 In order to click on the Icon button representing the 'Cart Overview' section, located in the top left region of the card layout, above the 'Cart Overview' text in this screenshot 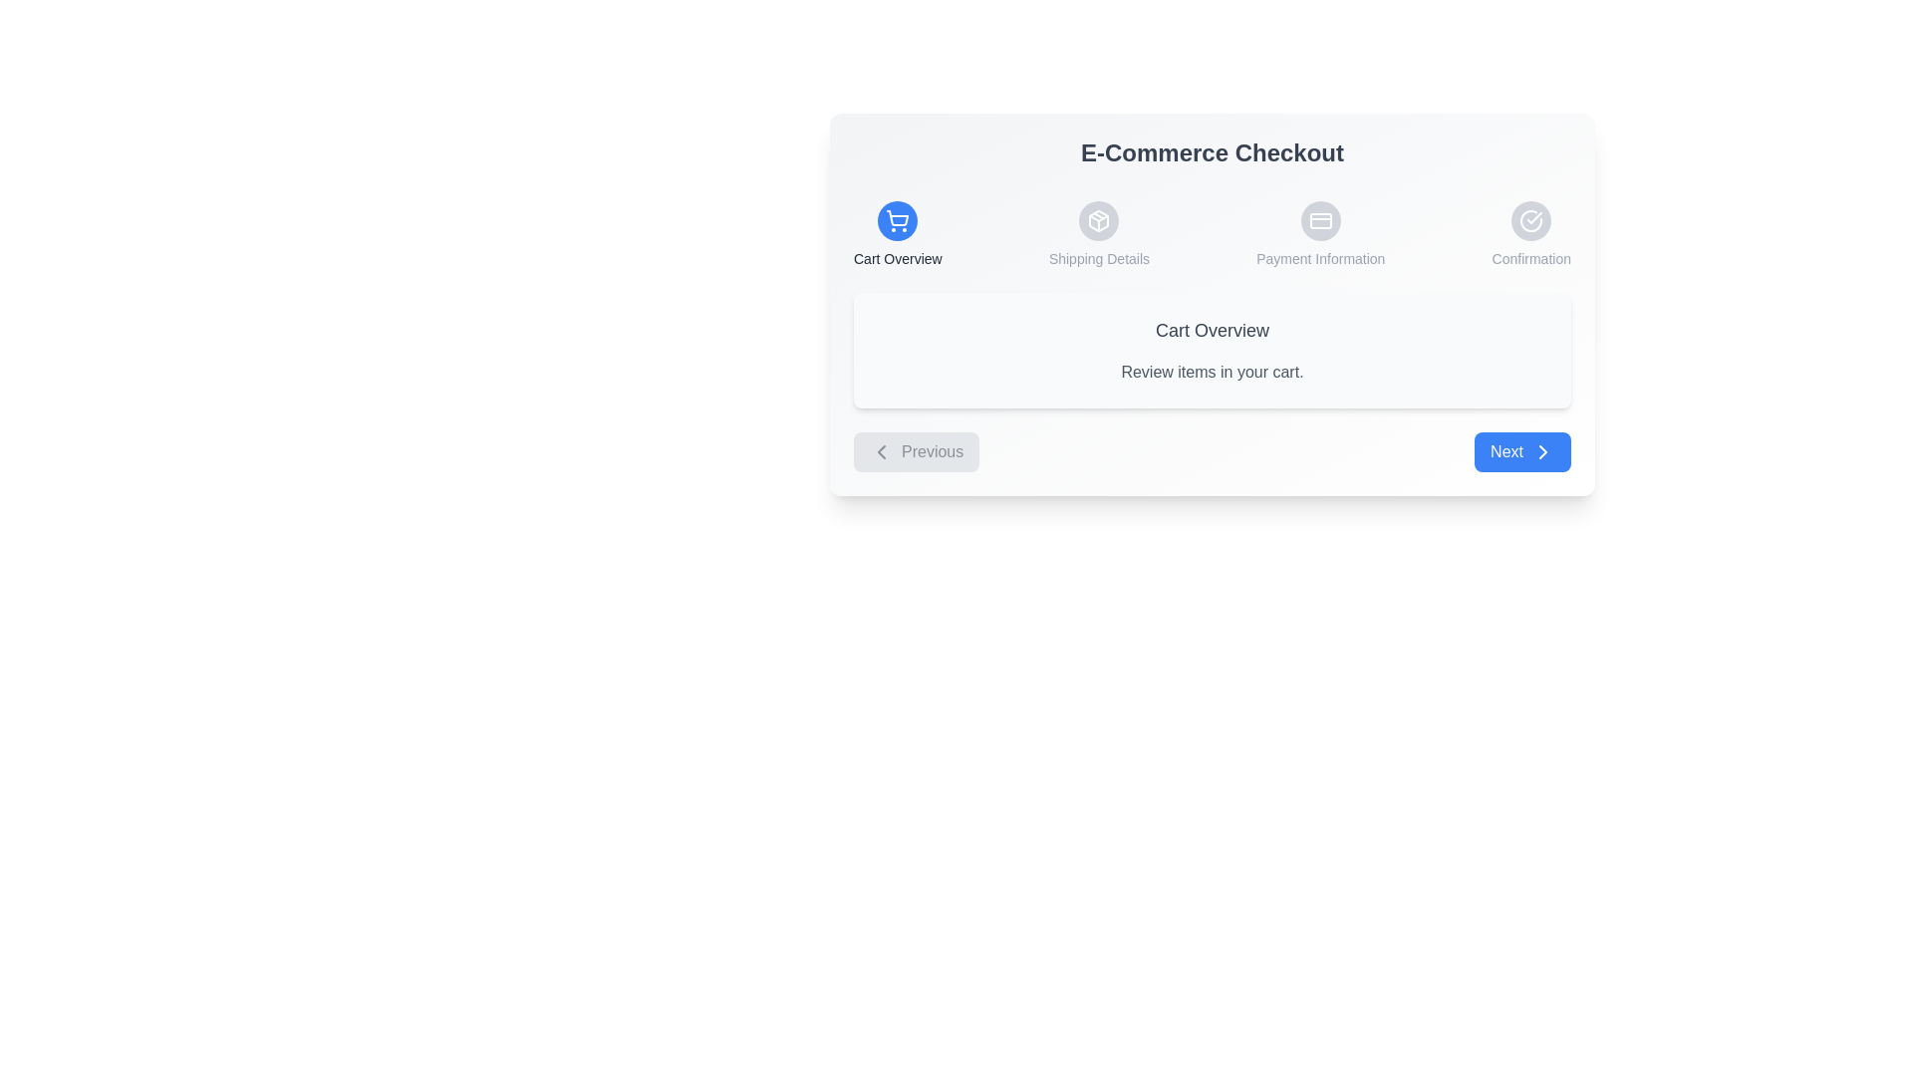, I will do `click(897, 221)`.